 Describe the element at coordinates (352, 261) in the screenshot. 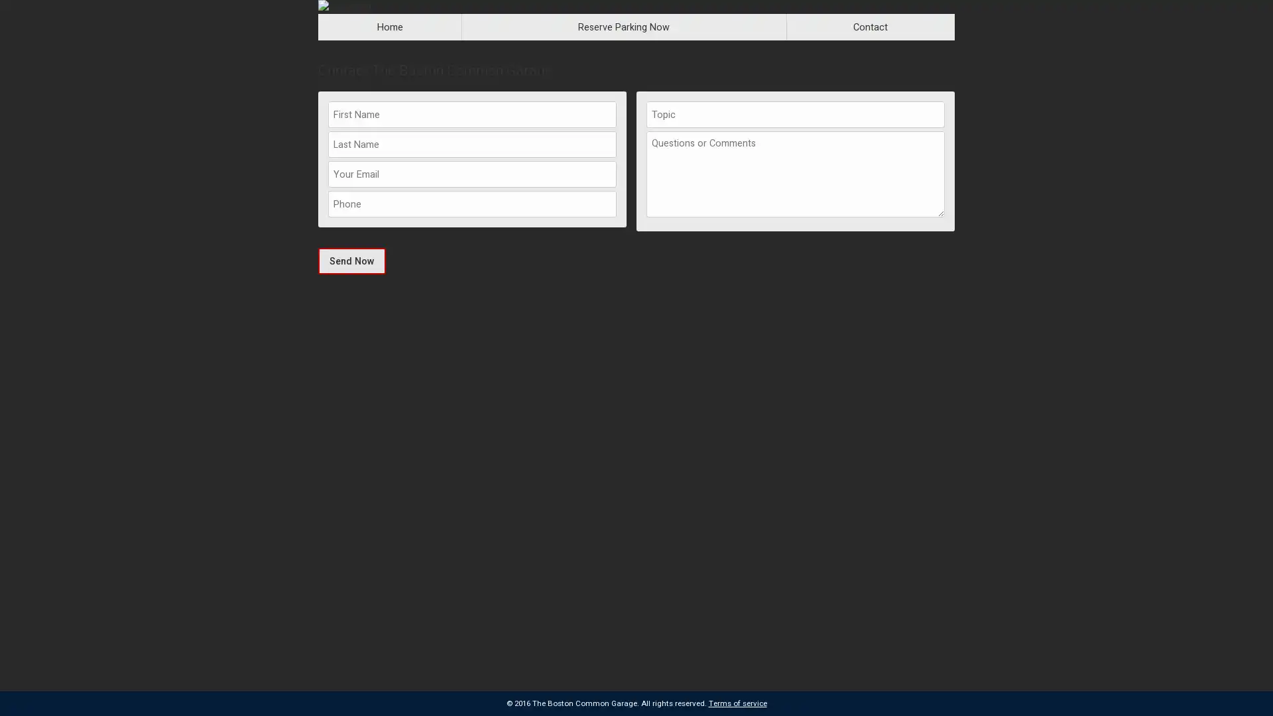

I see `Send Now` at that location.